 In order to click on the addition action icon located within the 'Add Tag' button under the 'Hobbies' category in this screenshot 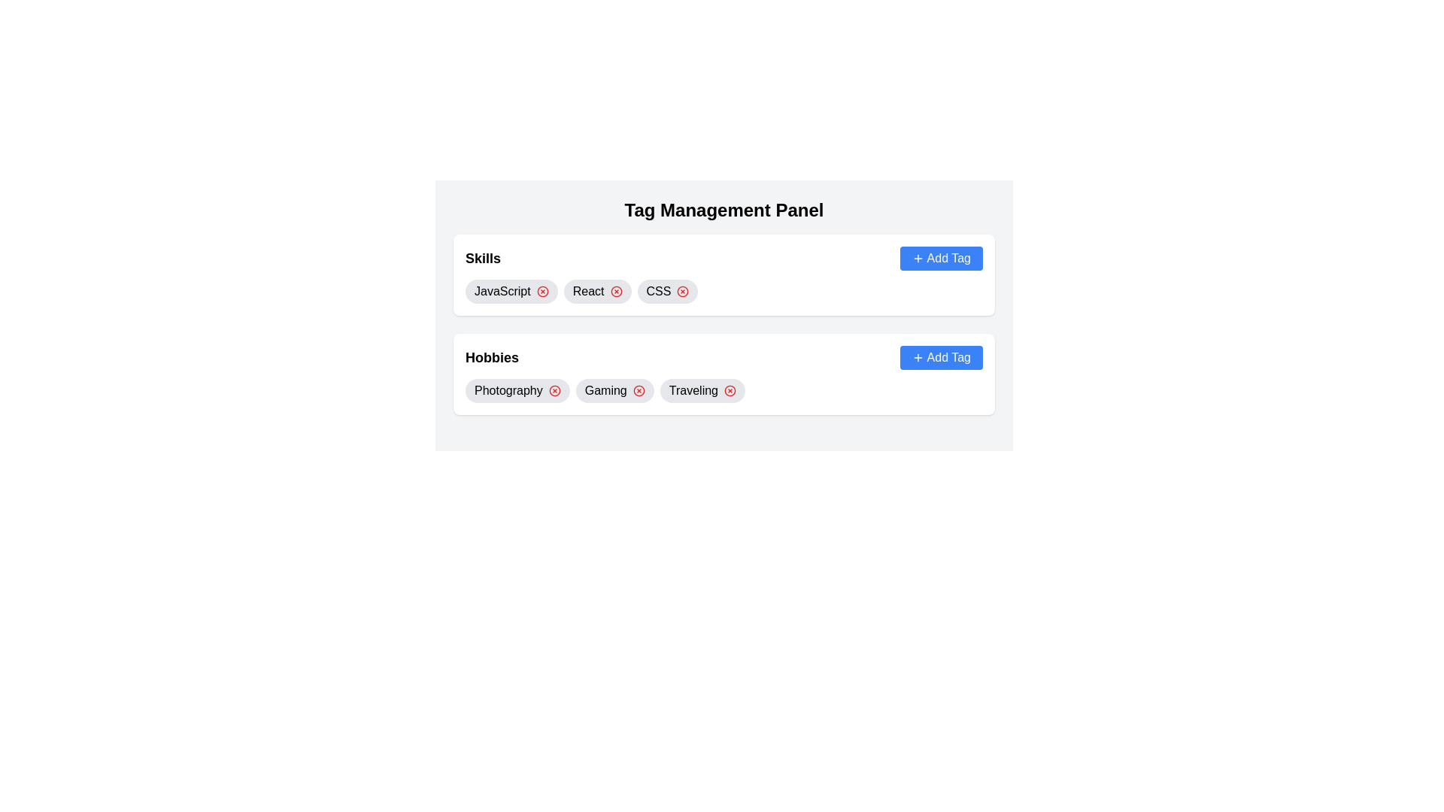, I will do `click(917, 357)`.